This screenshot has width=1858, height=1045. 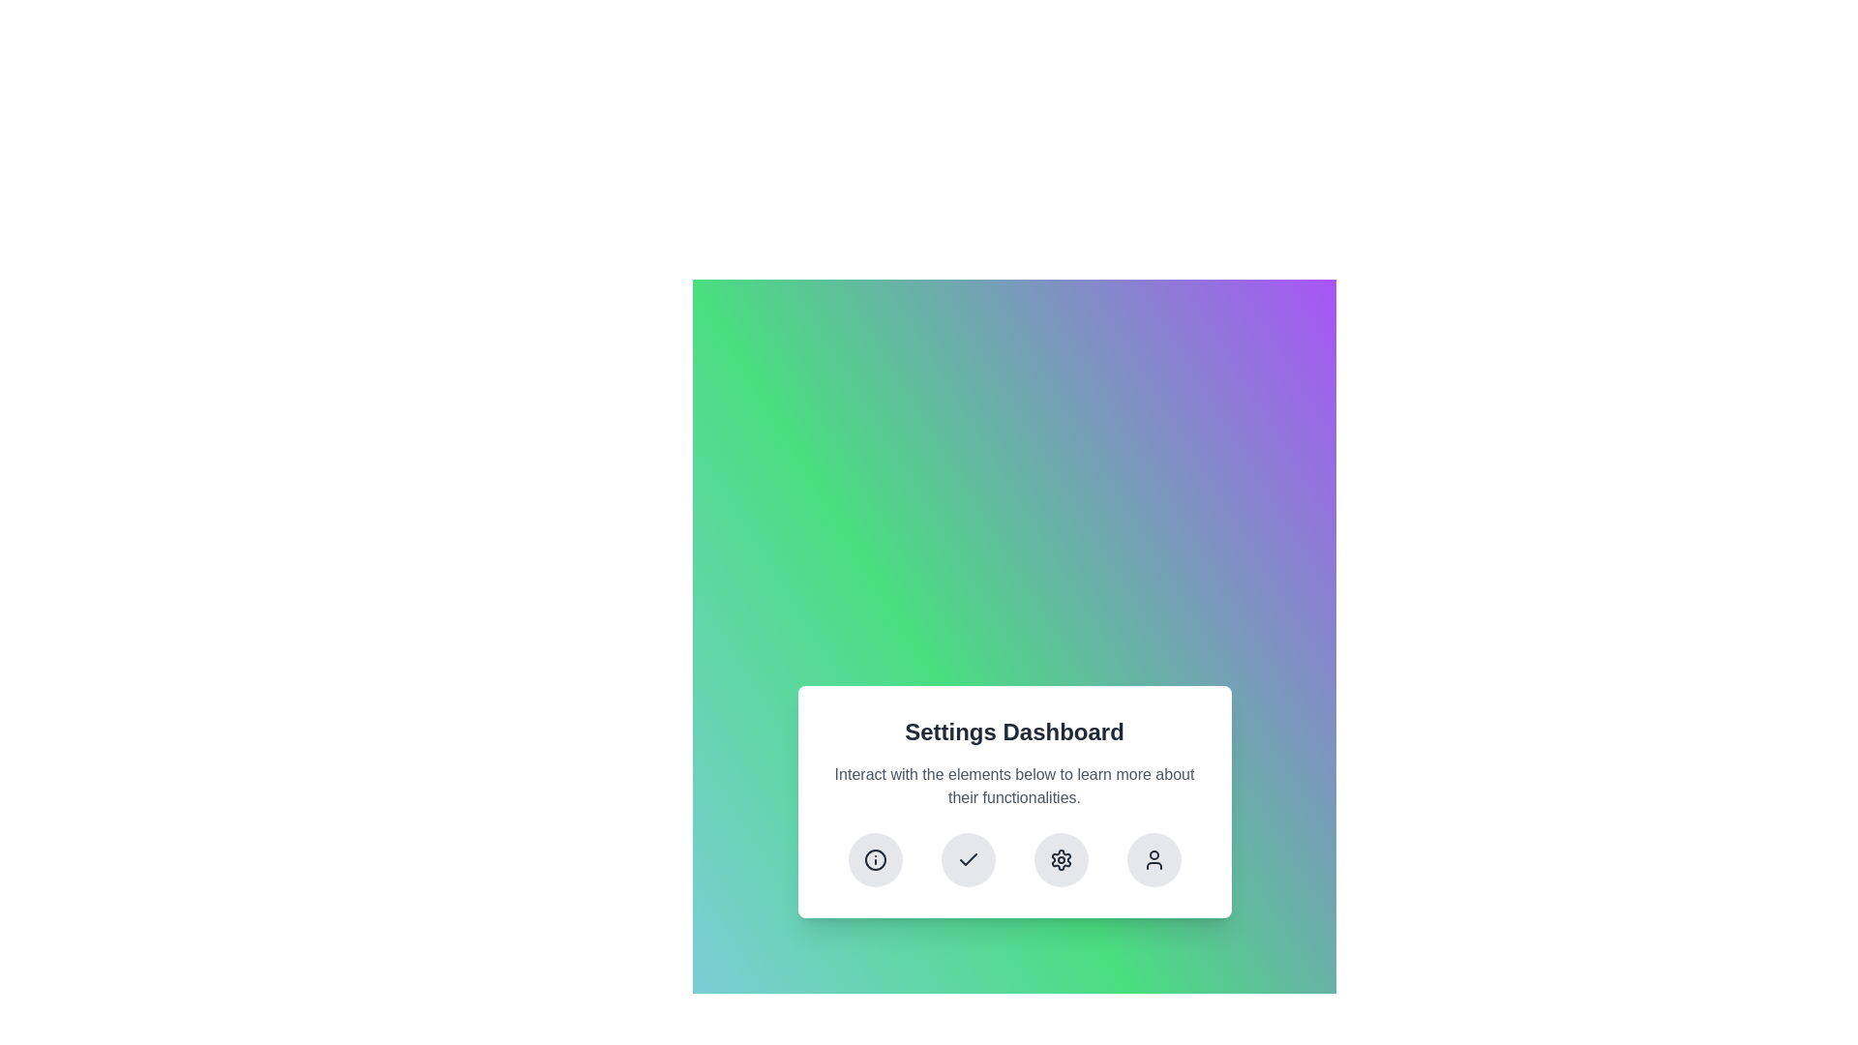 What do you see at coordinates (874, 858) in the screenshot?
I see `the circular information icon with a thin black outline and gray colors, located at the bottom of the Settings Dashboard panel` at bounding box center [874, 858].